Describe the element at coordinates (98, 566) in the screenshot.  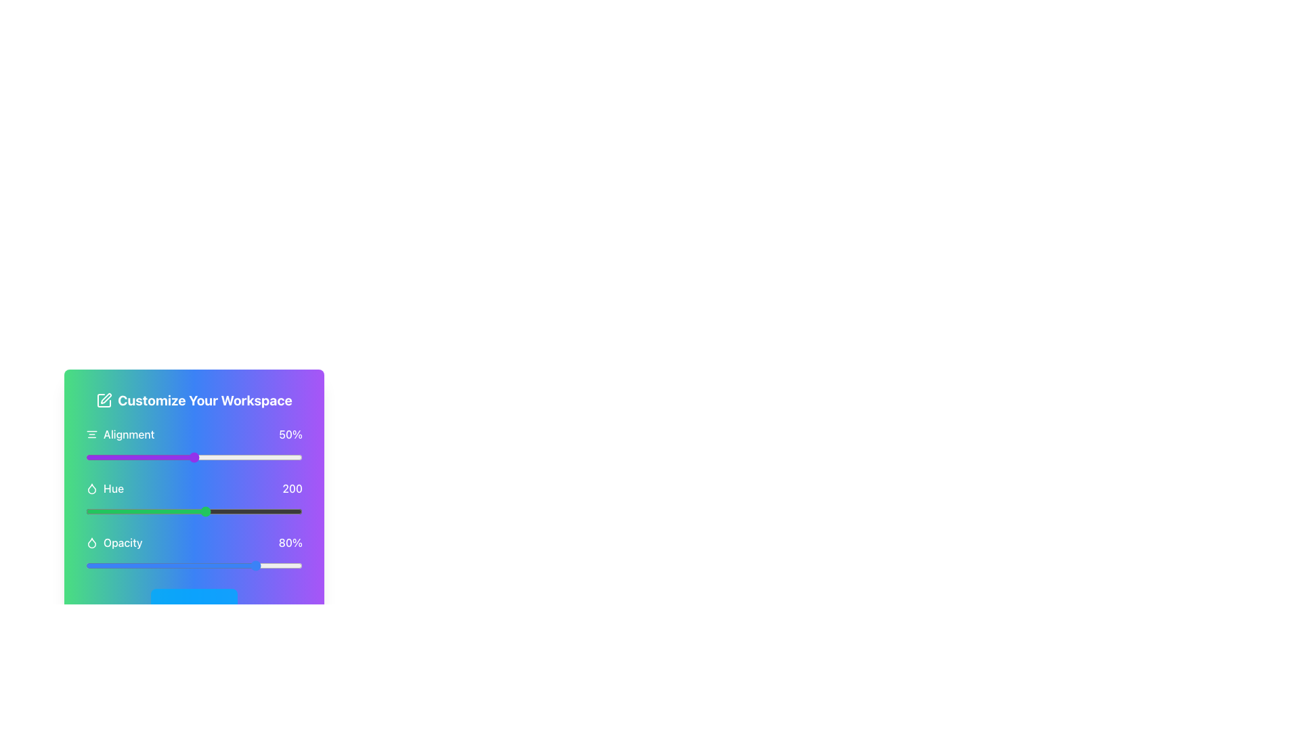
I see `opacity` at that location.